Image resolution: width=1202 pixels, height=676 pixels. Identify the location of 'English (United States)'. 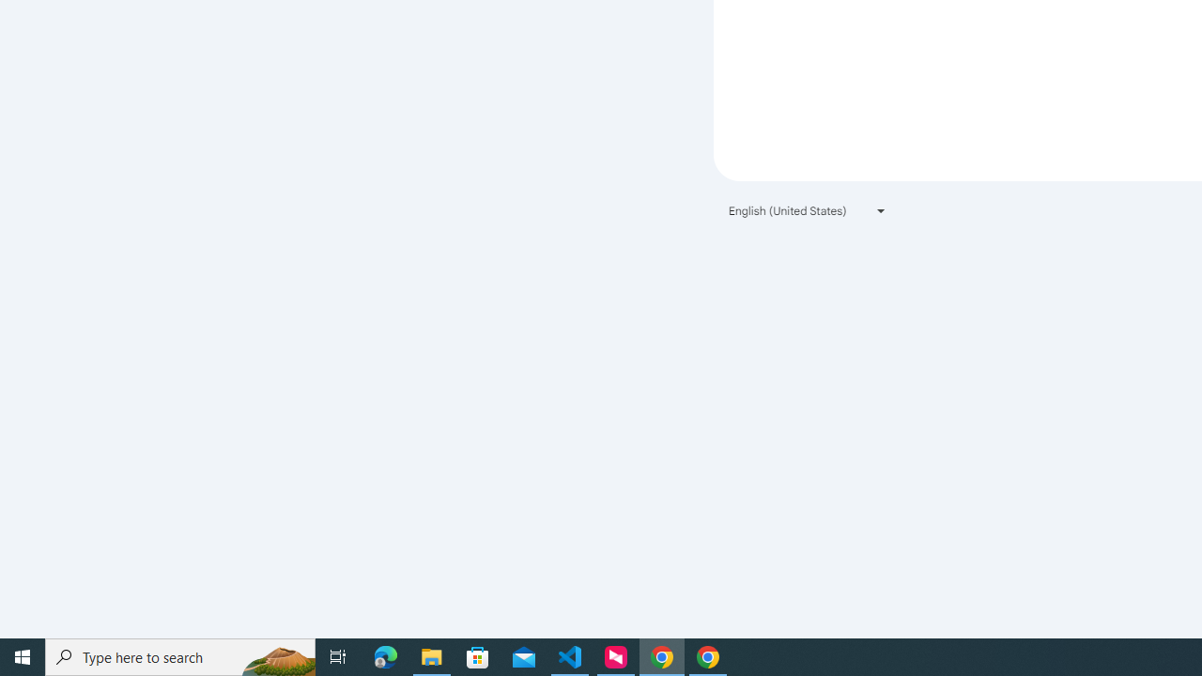
(808, 210).